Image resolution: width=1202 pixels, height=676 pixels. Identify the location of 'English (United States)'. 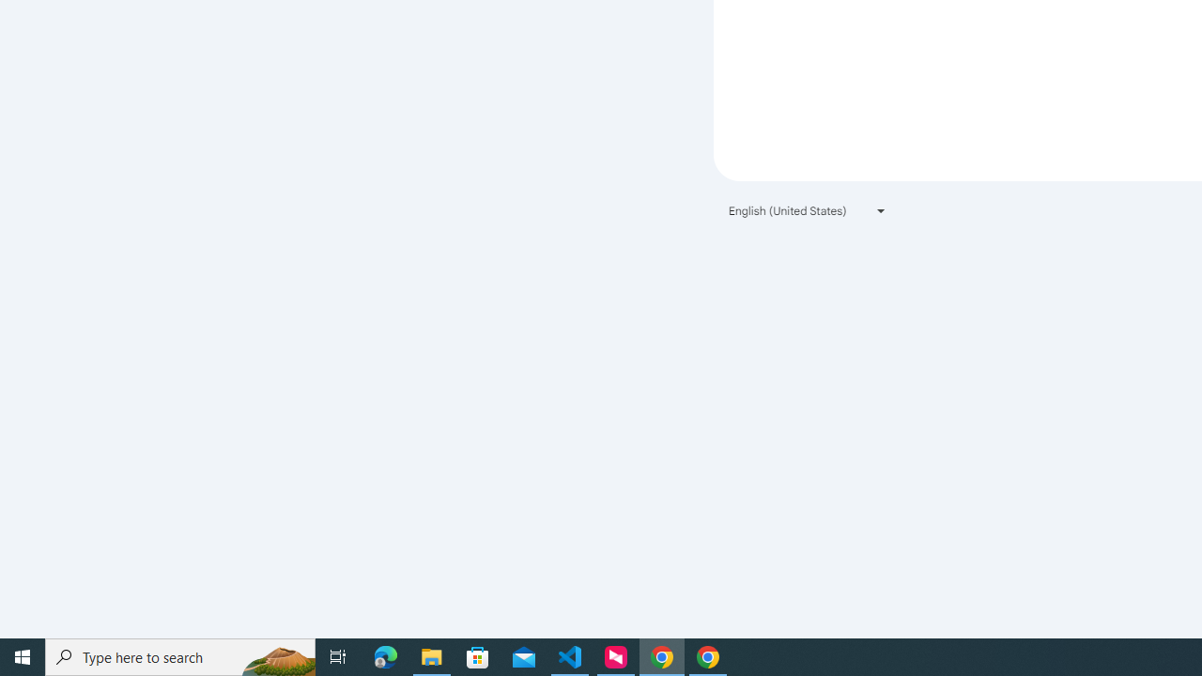
(808, 210).